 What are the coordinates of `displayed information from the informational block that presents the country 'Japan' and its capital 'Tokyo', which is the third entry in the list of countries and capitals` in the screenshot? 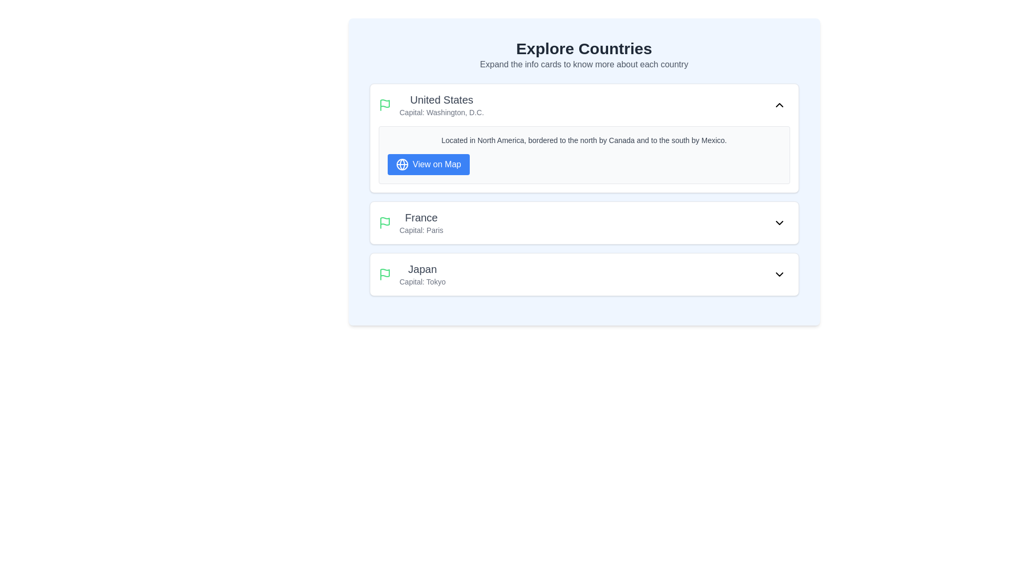 It's located at (411, 273).